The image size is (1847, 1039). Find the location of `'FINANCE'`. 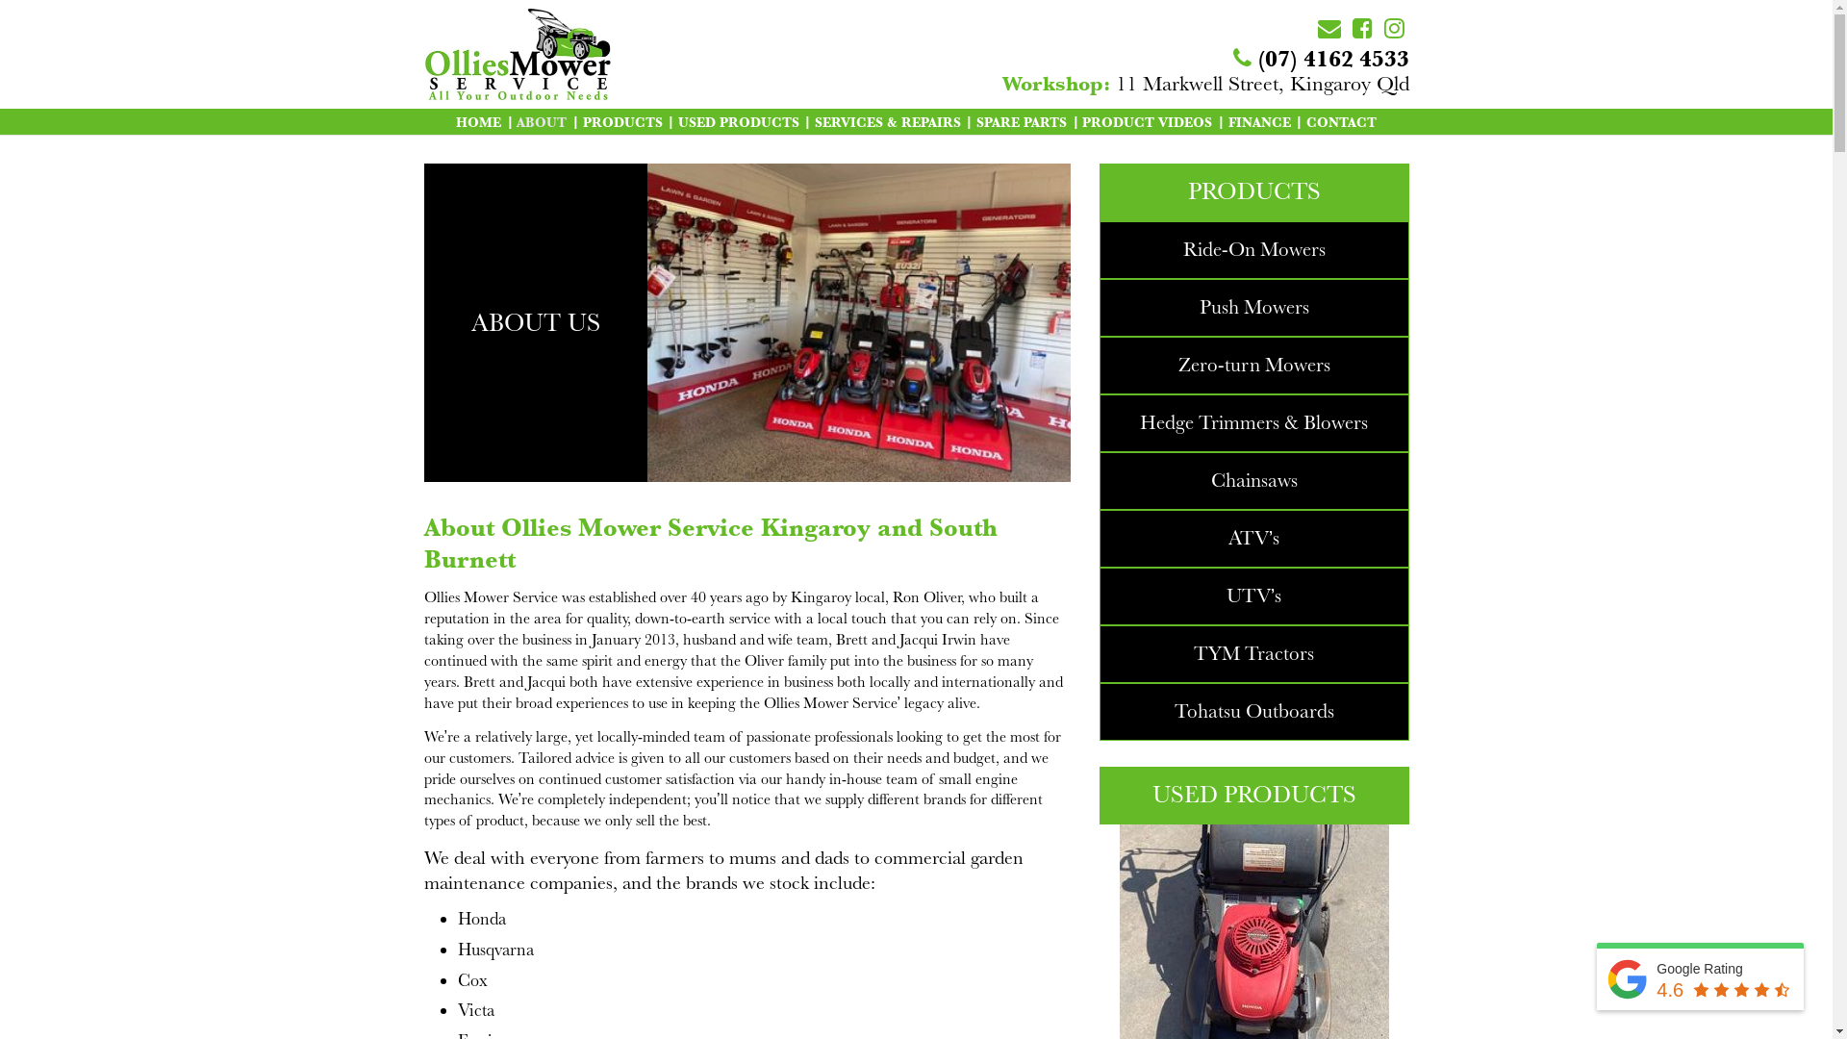

'FINANCE' is located at coordinates (1259, 121).